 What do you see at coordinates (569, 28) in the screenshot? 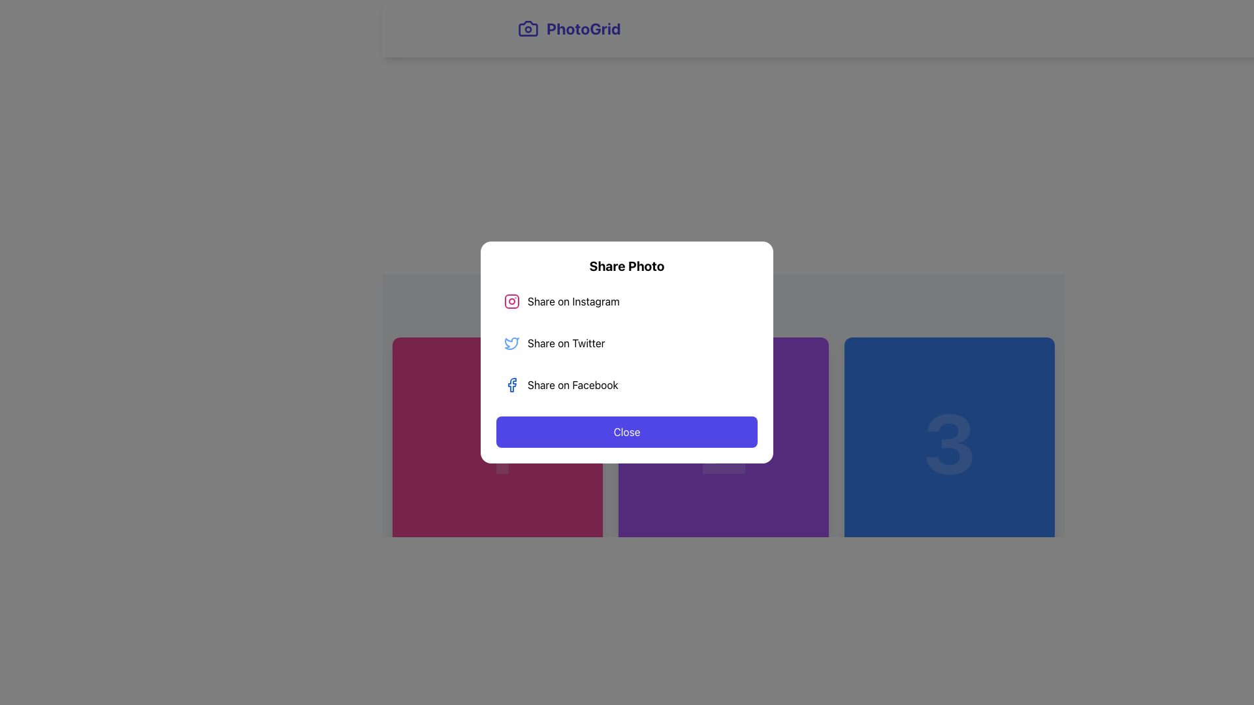
I see `the Branding Header element titled 'PhotoGrid' located at the top left corner of the application interface` at bounding box center [569, 28].